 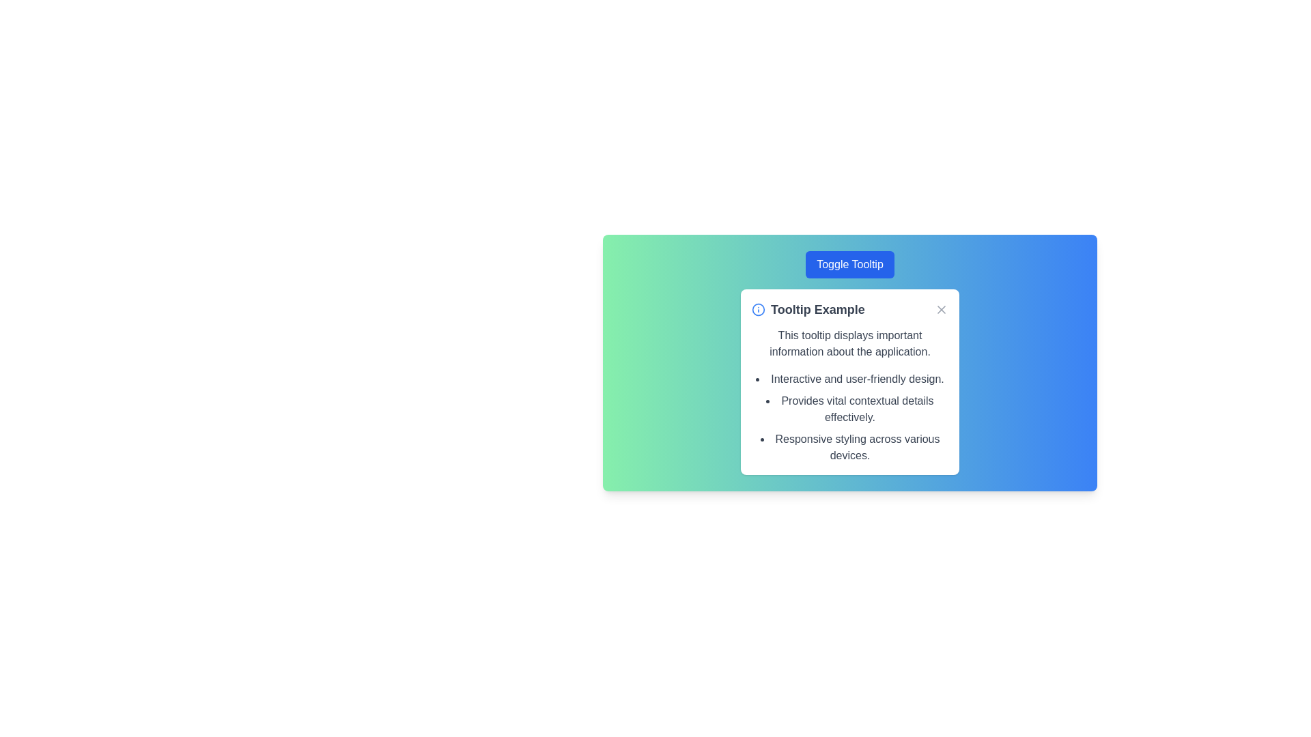 What do you see at coordinates (940, 310) in the screenshot?
I see `the close button icon located in the top-right corner of the tooltip window titled 'Tooltip Example'` at bounding box center [940, 310].